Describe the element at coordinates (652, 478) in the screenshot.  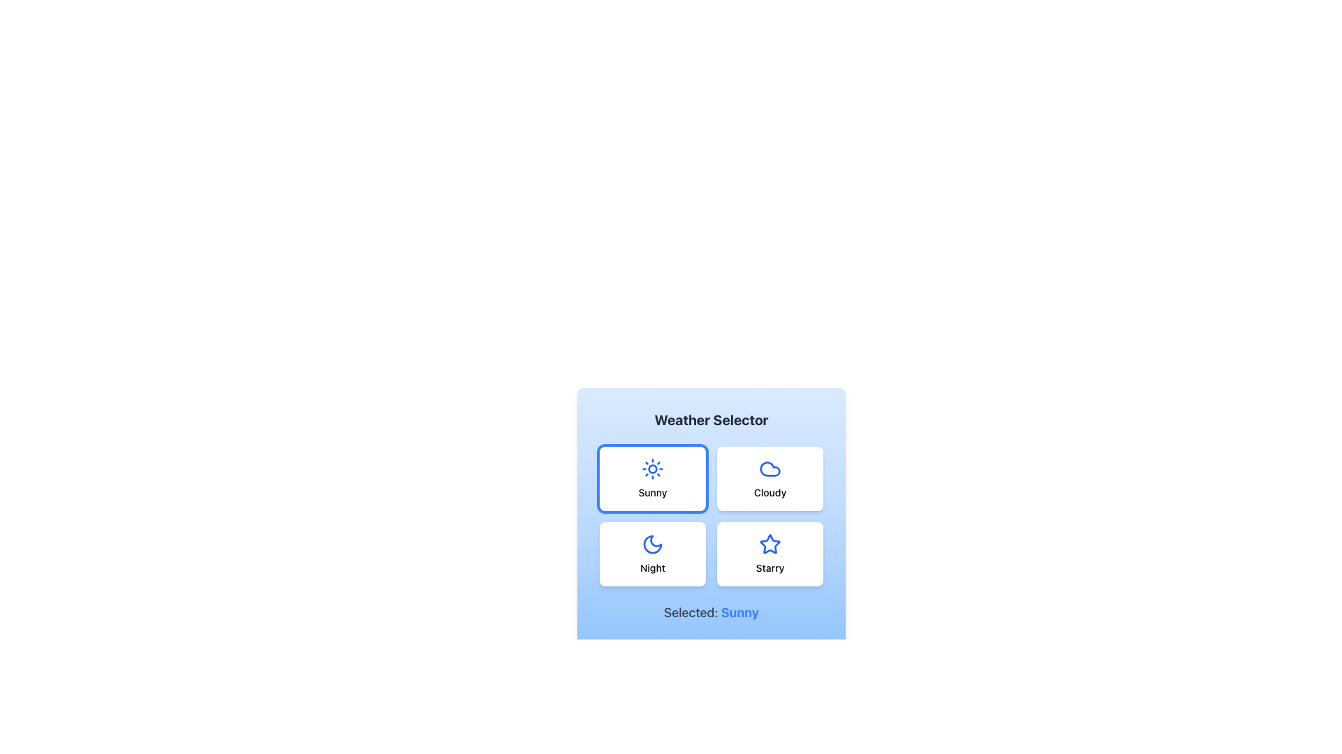
I see `the 'Sunny' button in the Weather Selector section` at that location.